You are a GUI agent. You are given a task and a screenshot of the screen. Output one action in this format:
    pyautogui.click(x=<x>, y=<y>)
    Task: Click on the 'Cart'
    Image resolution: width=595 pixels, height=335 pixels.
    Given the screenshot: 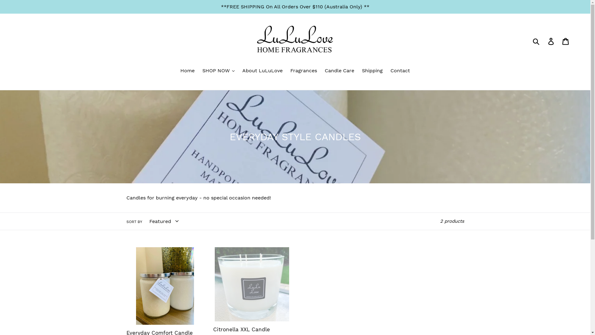 What is the action you would take?
    pyautogui.click(x=559, y=41)
    